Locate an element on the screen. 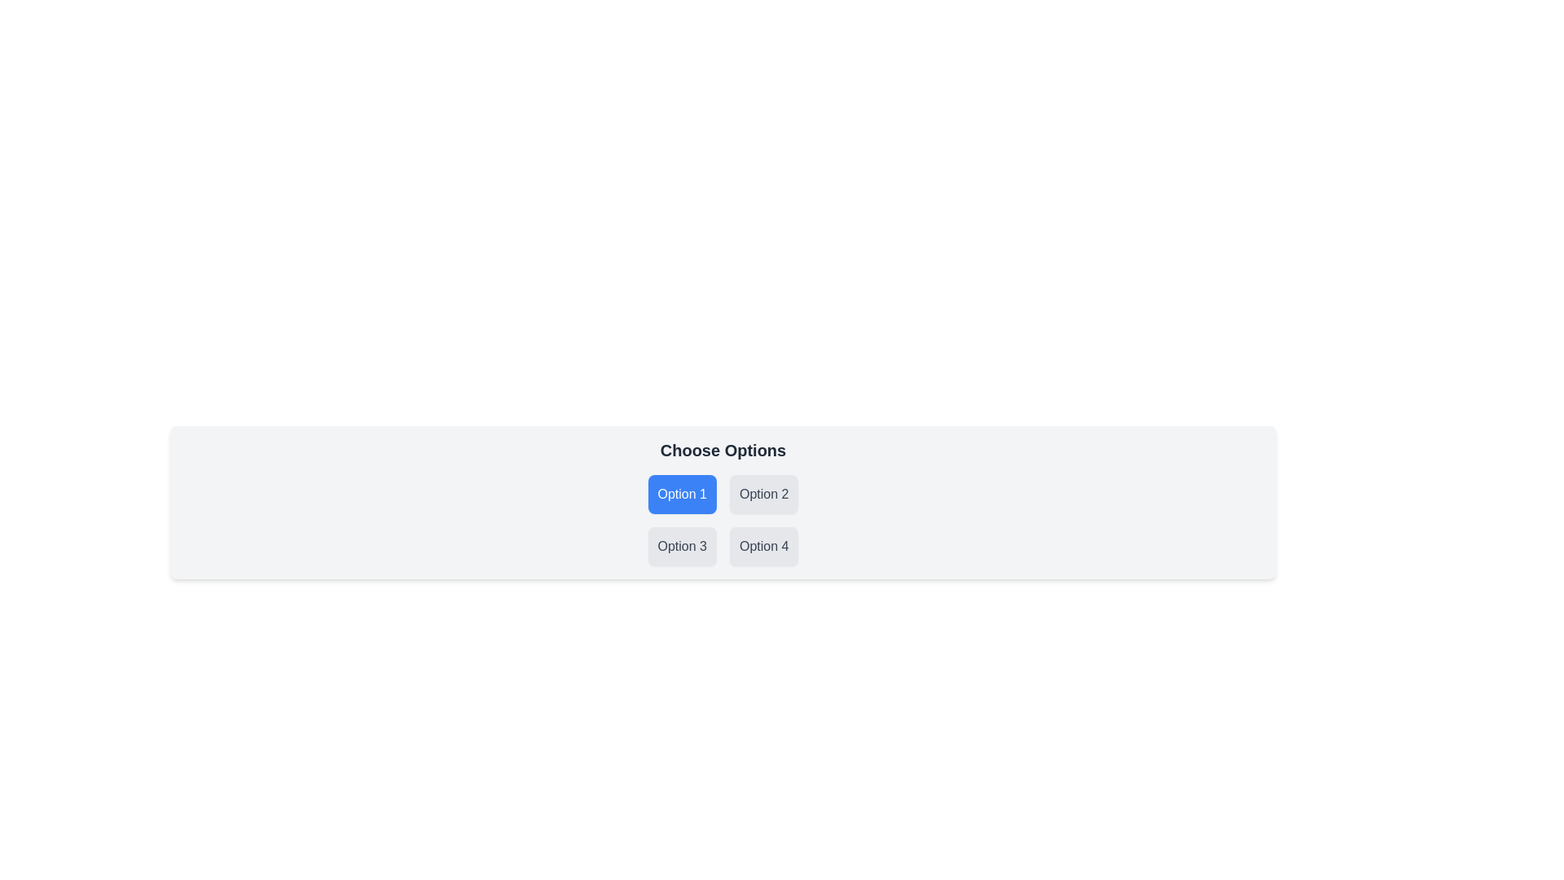 This screenshot has height=880, width=1564. the 'Option 2' button, which is a rectangular button with rounded corners and gray text on a light gray background, located in the top-right of a 2x2 grid layout is located at coordinates (763, 493).